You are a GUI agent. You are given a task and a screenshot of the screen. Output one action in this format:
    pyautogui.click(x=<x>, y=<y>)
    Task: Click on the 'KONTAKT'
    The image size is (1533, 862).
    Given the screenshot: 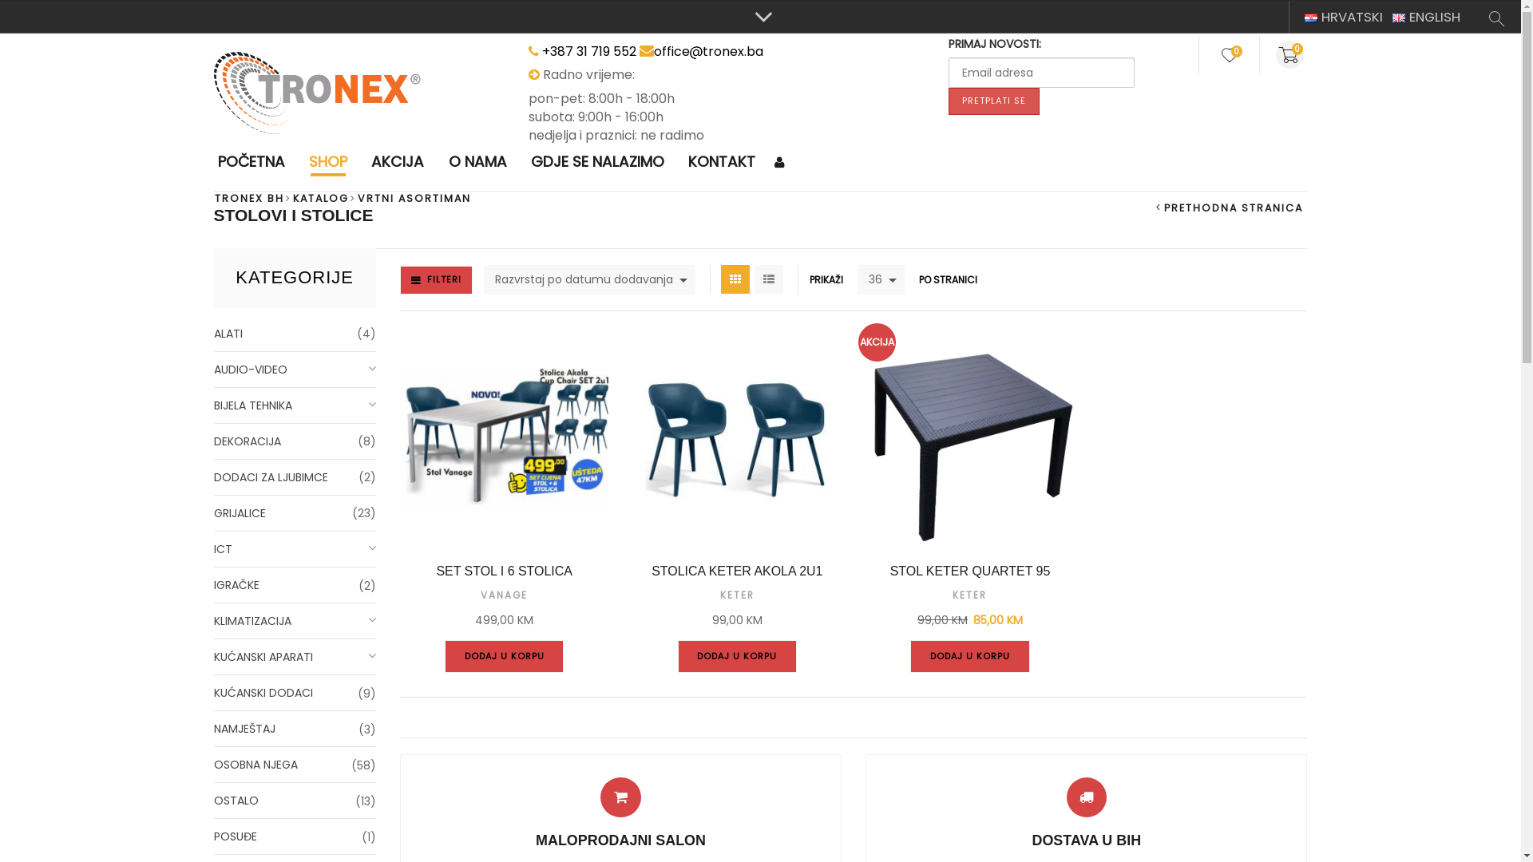 What is the action you would take?
    pyautogui.click(x=720, y=162)
    